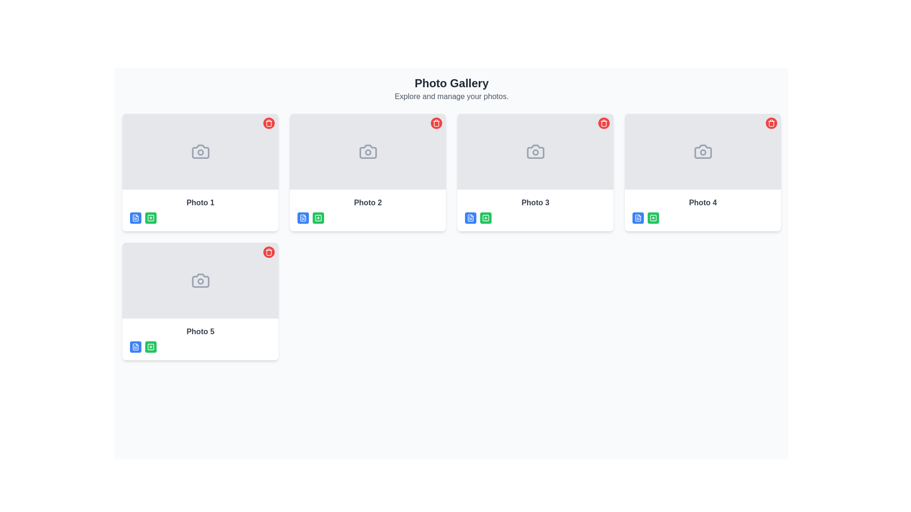 This screenshot has height=512, width=911. Describe the element at coordinates (135, 218) in the screenshot. I see `the blue square icon with a document outline located in the bottom-left corner of the first card (Photo 1)` at that location.